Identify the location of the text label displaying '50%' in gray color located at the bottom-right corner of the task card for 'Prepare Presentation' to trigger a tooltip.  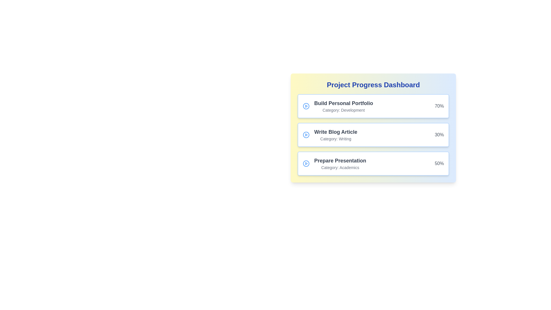
(439, 164).